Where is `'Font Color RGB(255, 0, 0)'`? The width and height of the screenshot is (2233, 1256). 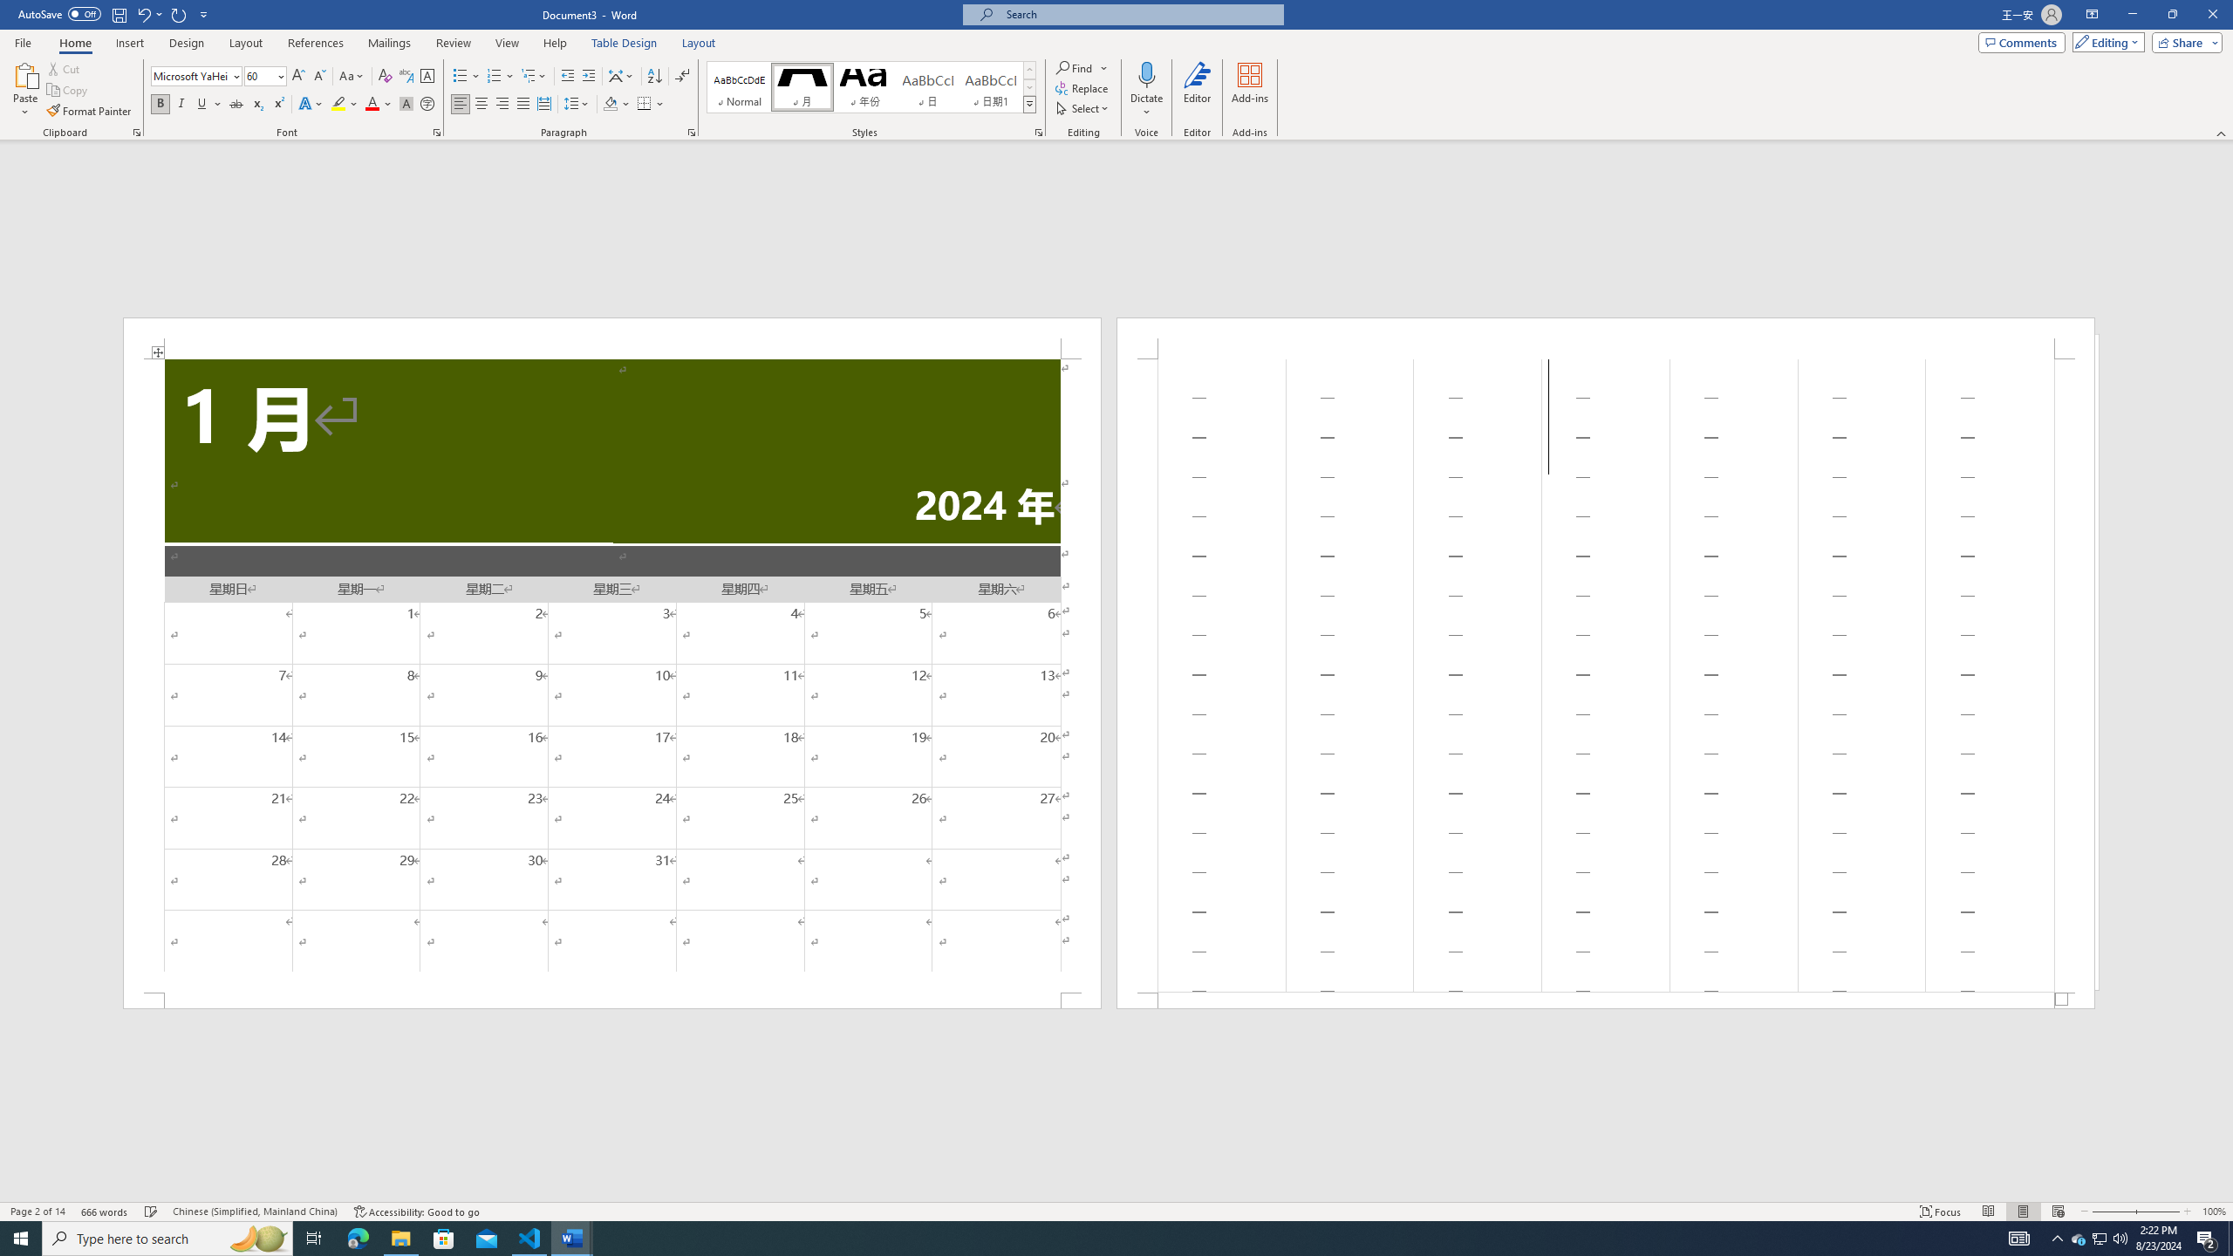 'Font Color RGB(255, 0, 0)' is located at coordinates (371, 103).